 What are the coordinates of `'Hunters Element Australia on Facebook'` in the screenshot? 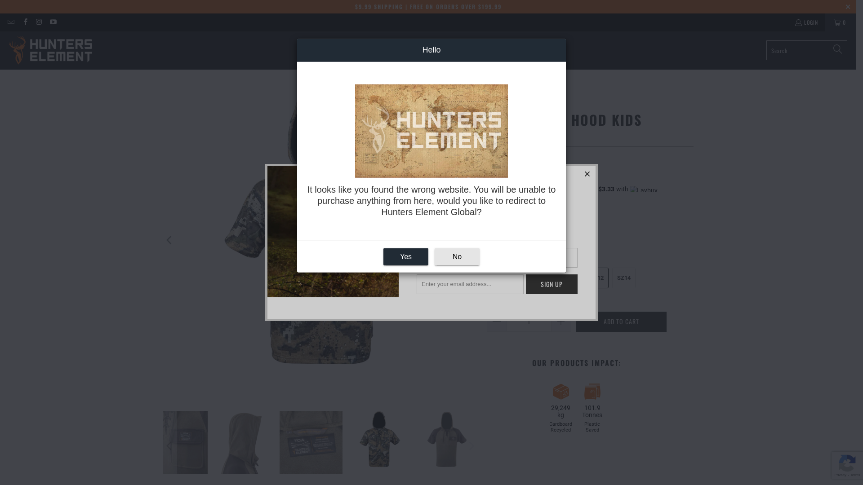 It's located at (24, 22).